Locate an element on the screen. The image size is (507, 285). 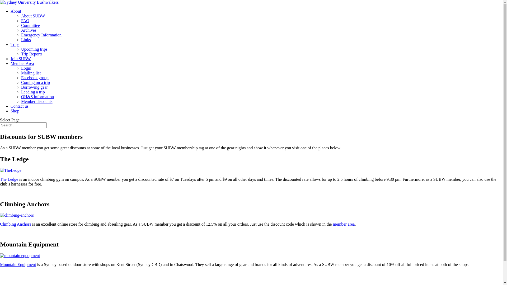
'Links' is located at coordinates (25, 39).